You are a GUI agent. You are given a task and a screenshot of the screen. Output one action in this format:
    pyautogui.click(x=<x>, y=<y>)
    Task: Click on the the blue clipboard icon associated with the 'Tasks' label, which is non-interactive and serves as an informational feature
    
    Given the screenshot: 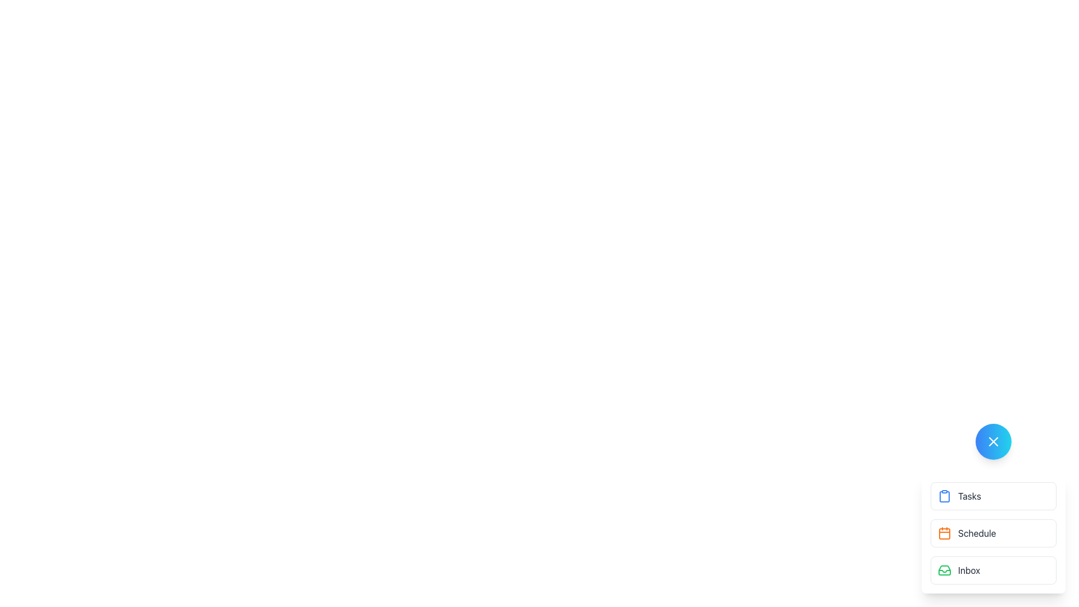 What is the action you would take?
    pyautogui.click(x=944, y=496)
    